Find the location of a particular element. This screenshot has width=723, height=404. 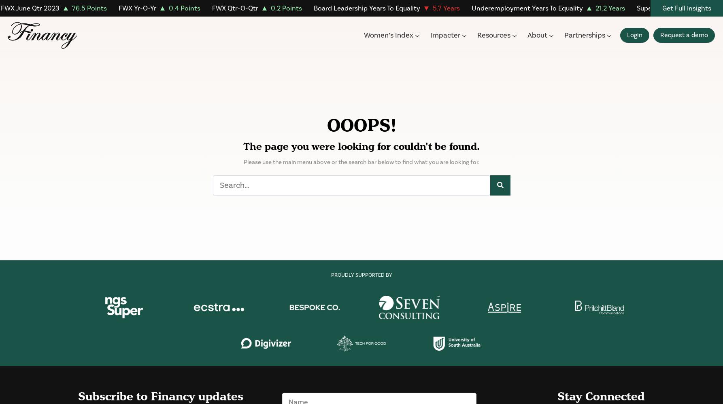

'The page you were looking for couldn't be found.' is located at coordinates (361, 146).